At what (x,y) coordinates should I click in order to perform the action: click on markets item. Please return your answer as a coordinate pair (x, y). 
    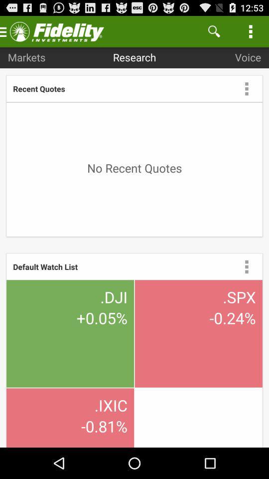
    Looking at the image, I should click on (26, 57).